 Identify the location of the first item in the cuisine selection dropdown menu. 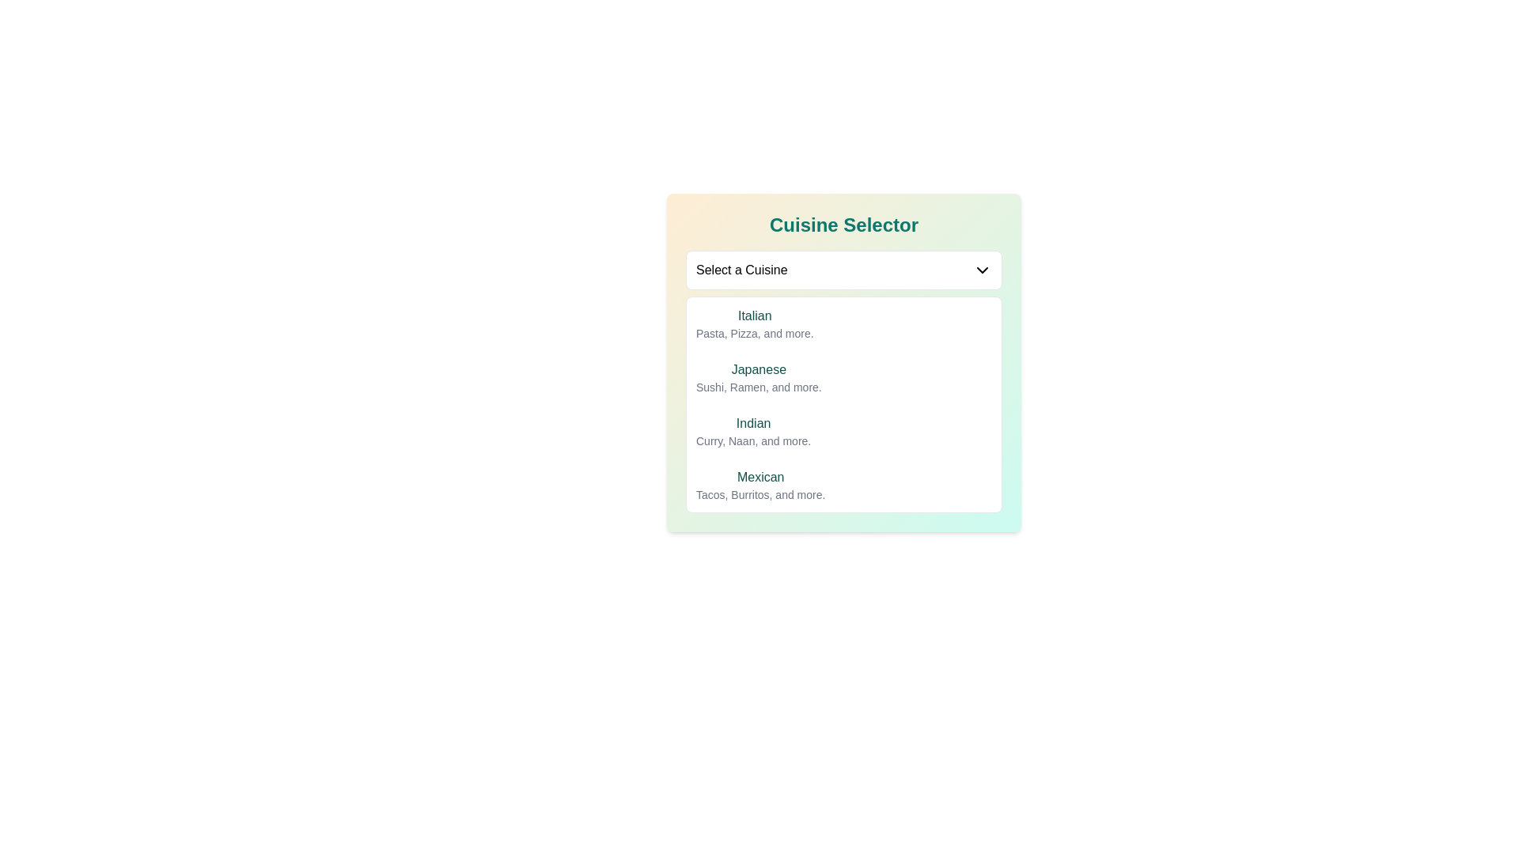
(754, 323).